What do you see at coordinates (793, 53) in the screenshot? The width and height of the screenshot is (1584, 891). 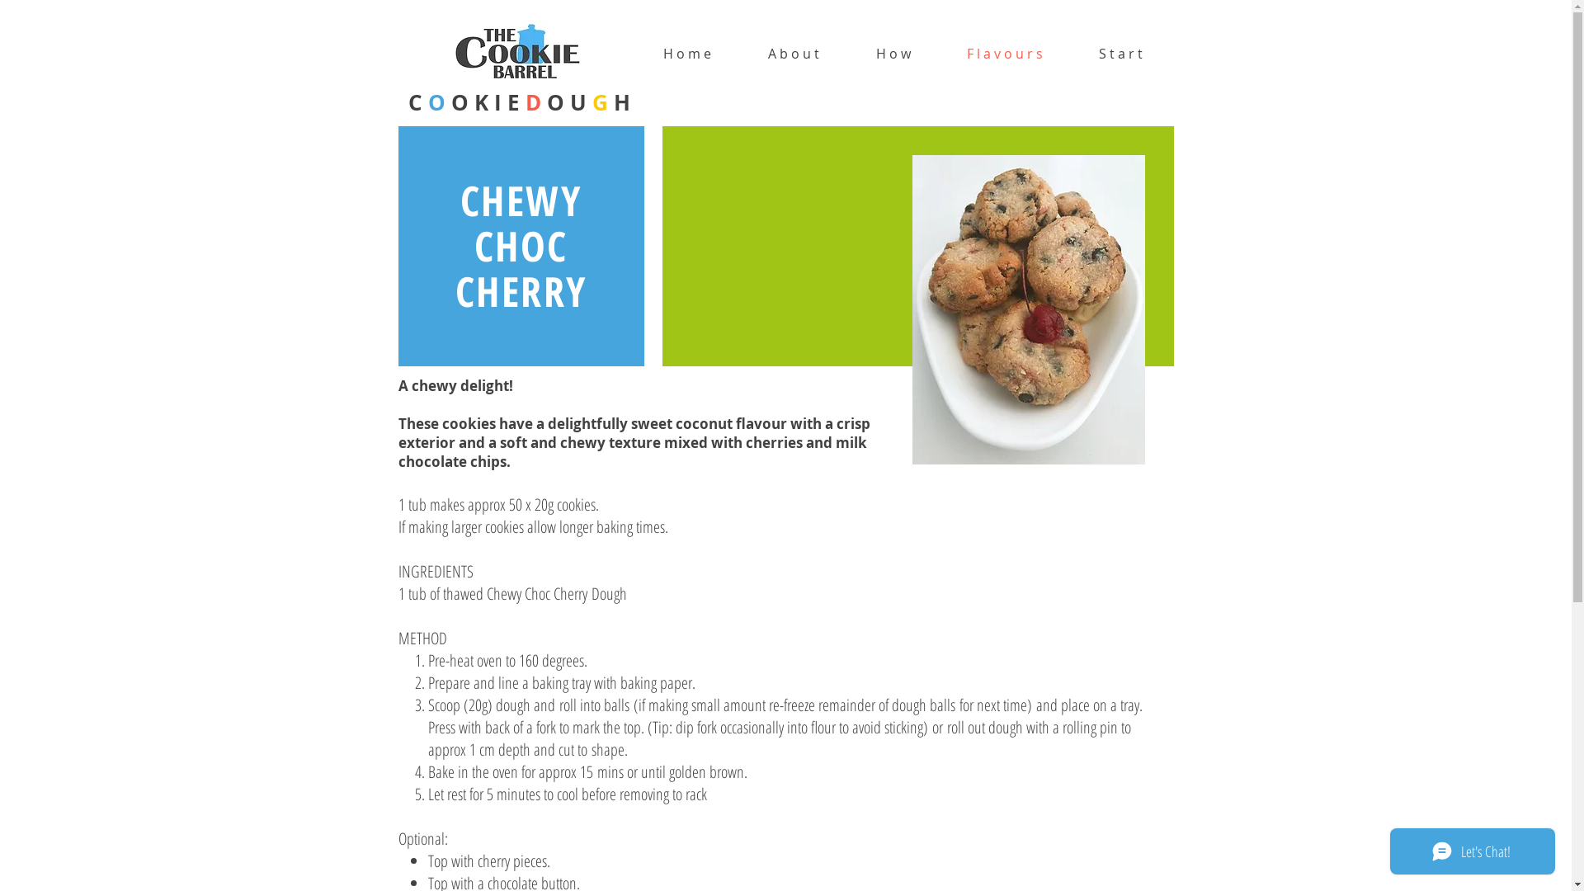 I see `'A b o u t'` at bounding box center [793, 53].